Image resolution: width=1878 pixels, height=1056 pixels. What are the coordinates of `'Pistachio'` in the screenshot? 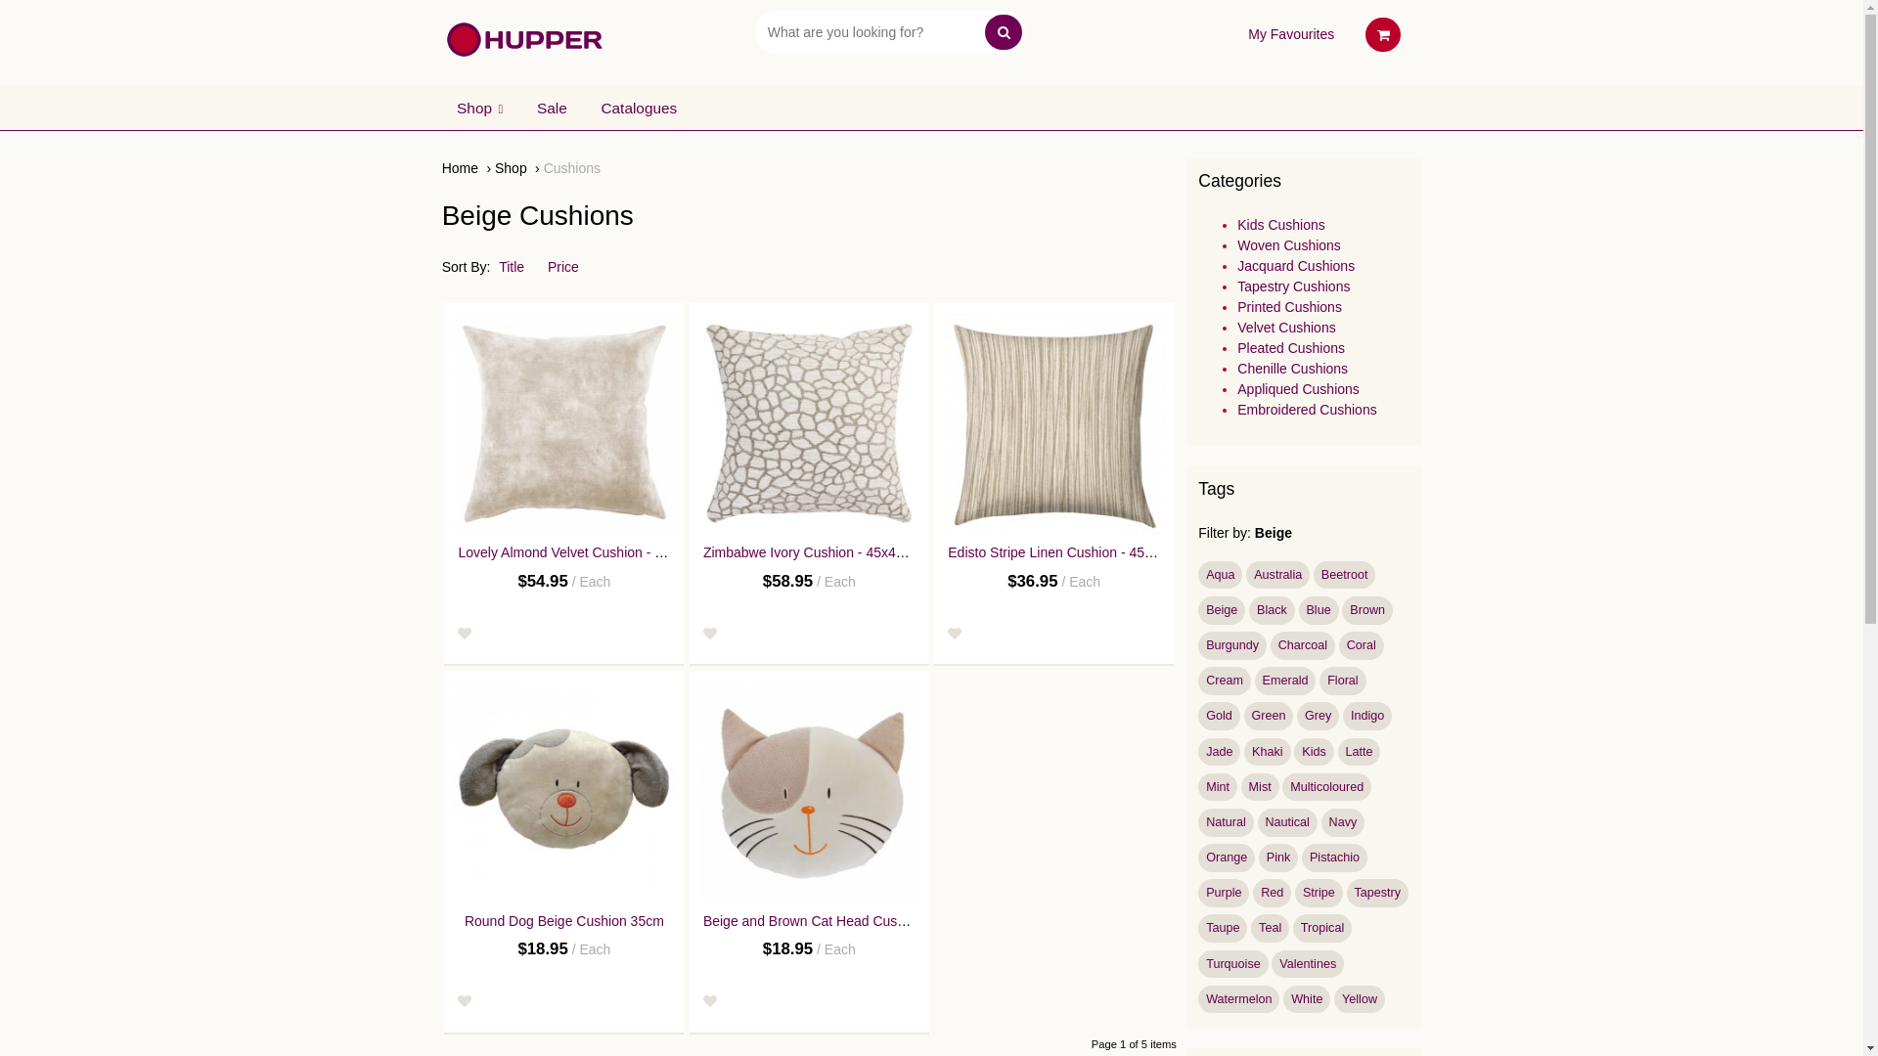 It's located at (1333, 857).